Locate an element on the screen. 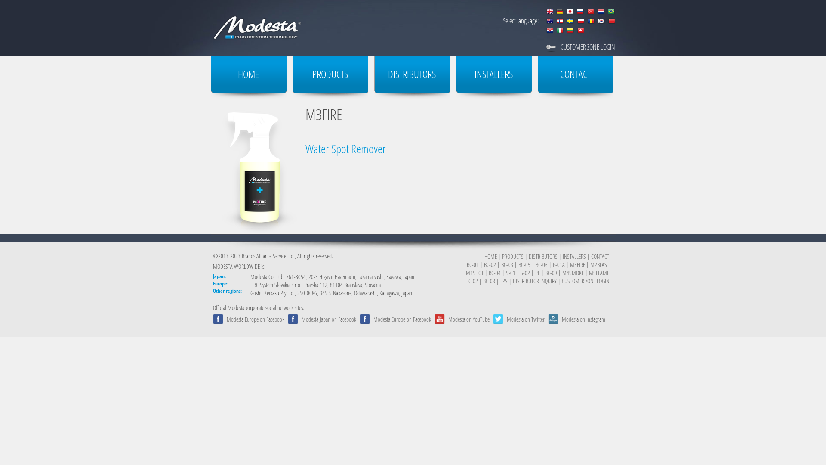 Image resolution: width=826 pixels, height=465 pixels. 'C-02' is located at coordinates (472, 281).